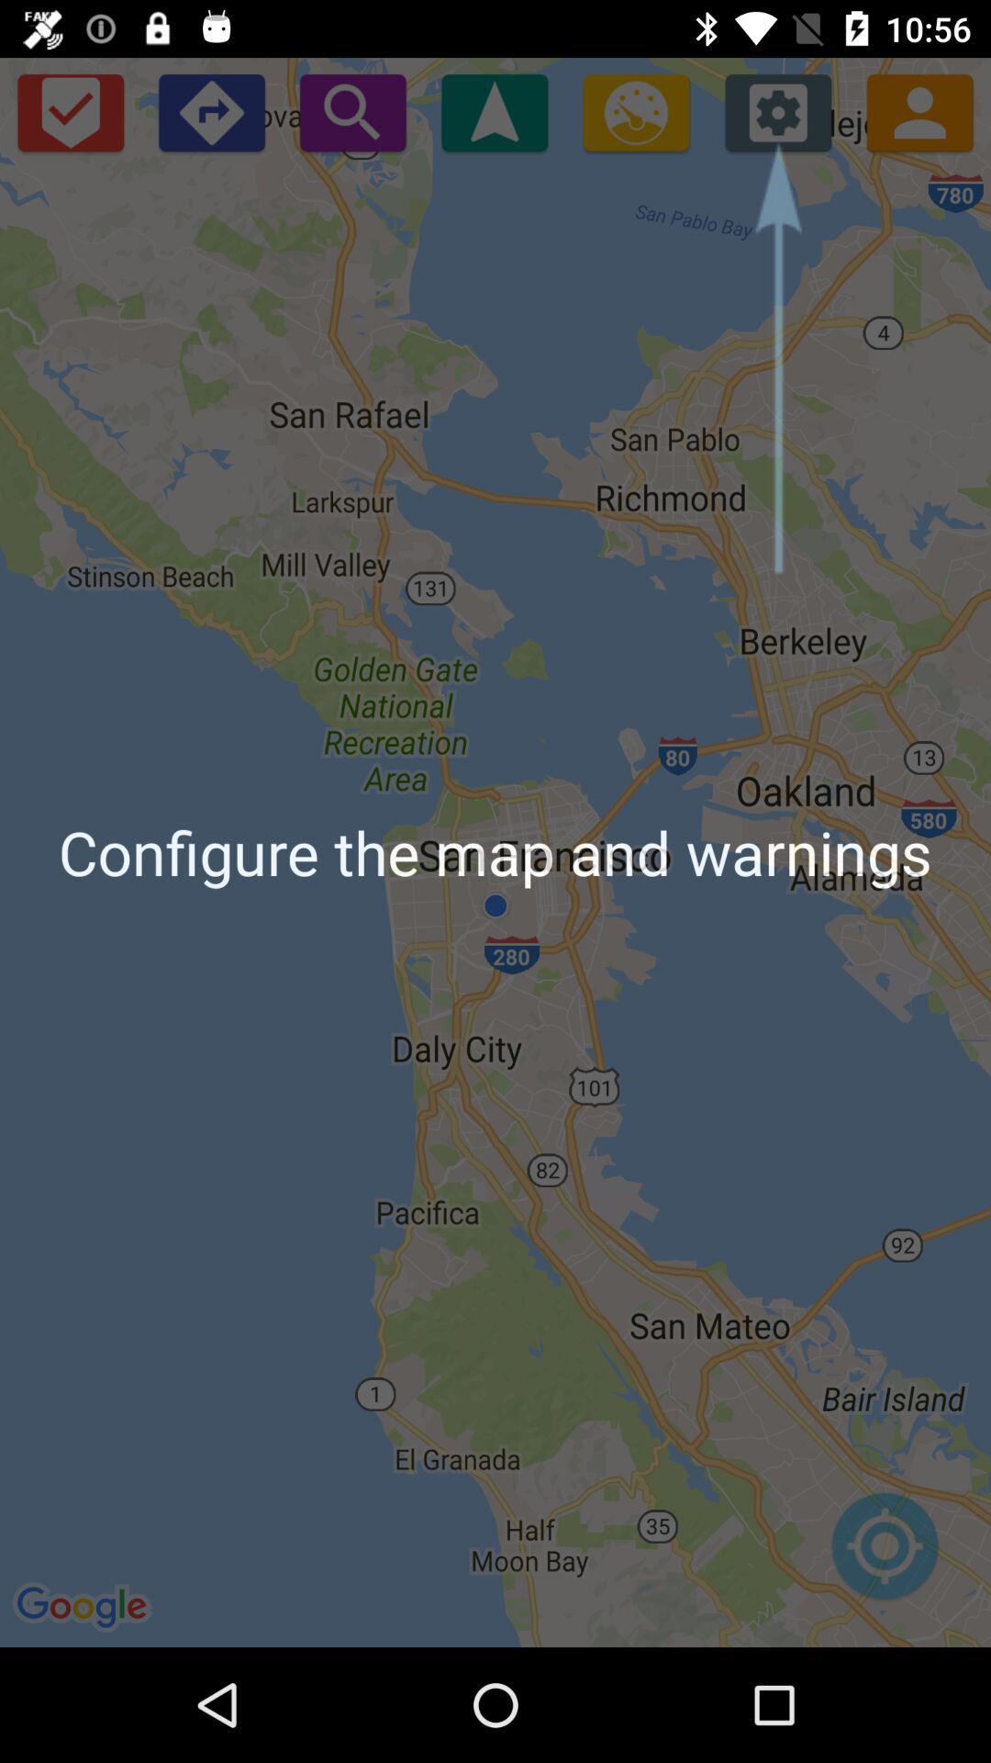  What do you see at coordinates (210, 111) in the screenshot?
I see `app above the configure the map icon` at bounding box center [210, 111].